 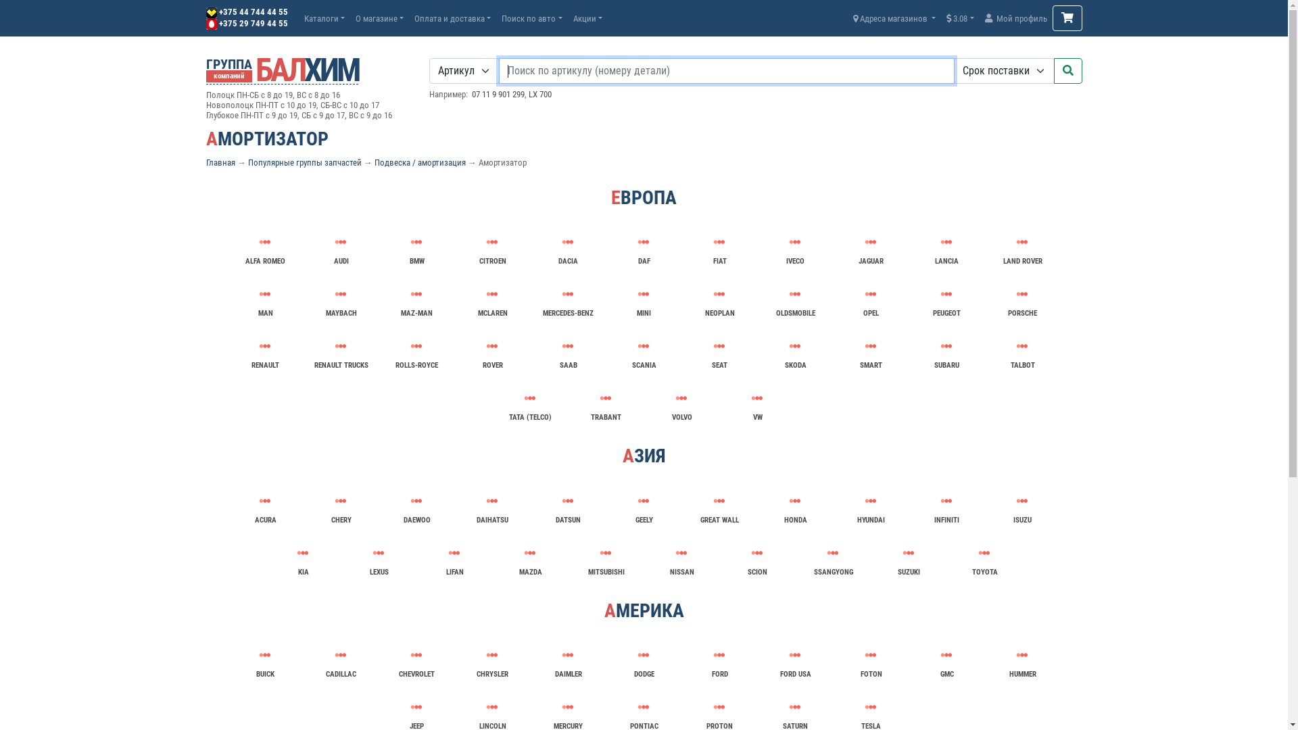 I want to click on 'FIAT', so click(x=719, y=247).